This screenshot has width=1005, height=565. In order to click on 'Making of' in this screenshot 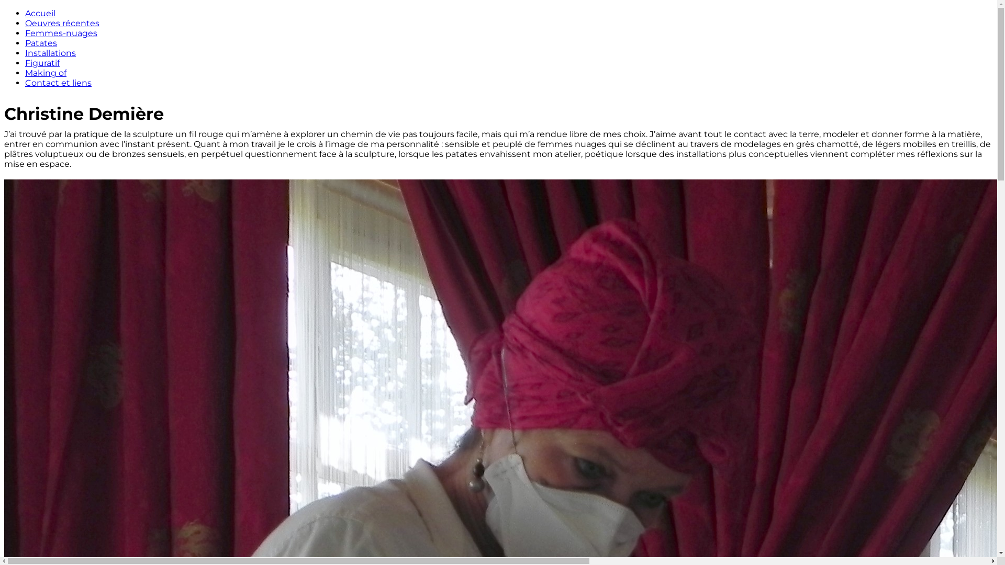, I will do `click(45, 72)`.